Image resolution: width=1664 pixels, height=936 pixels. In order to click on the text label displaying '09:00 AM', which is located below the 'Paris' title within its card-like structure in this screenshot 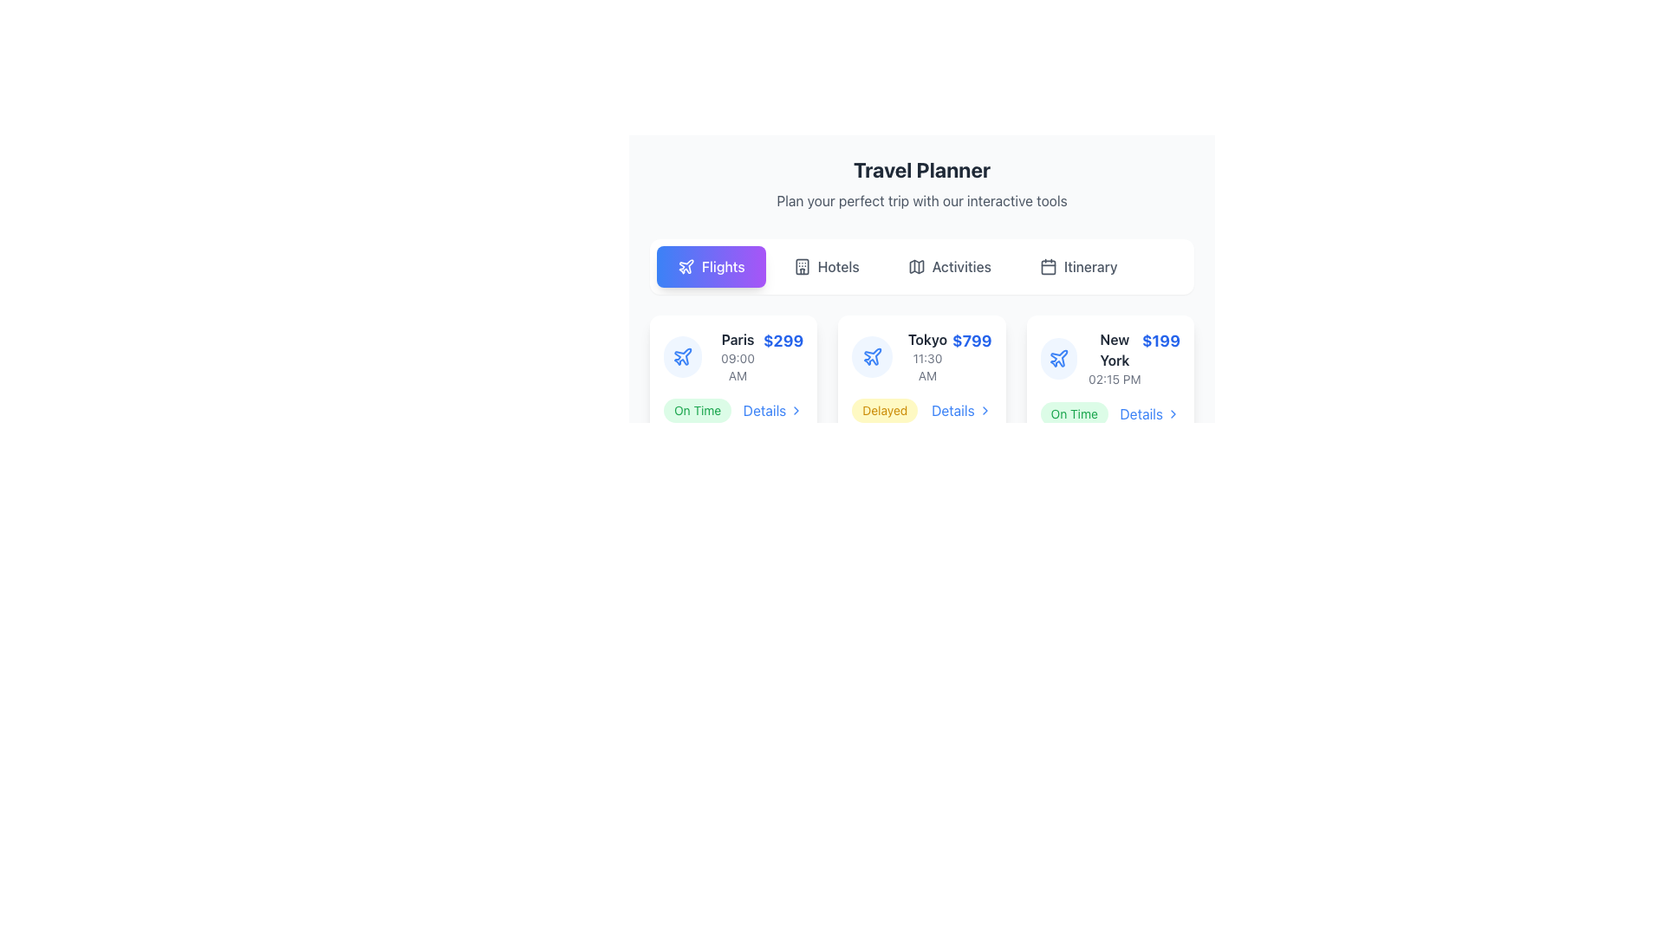, I will do `click(738, 367)`.